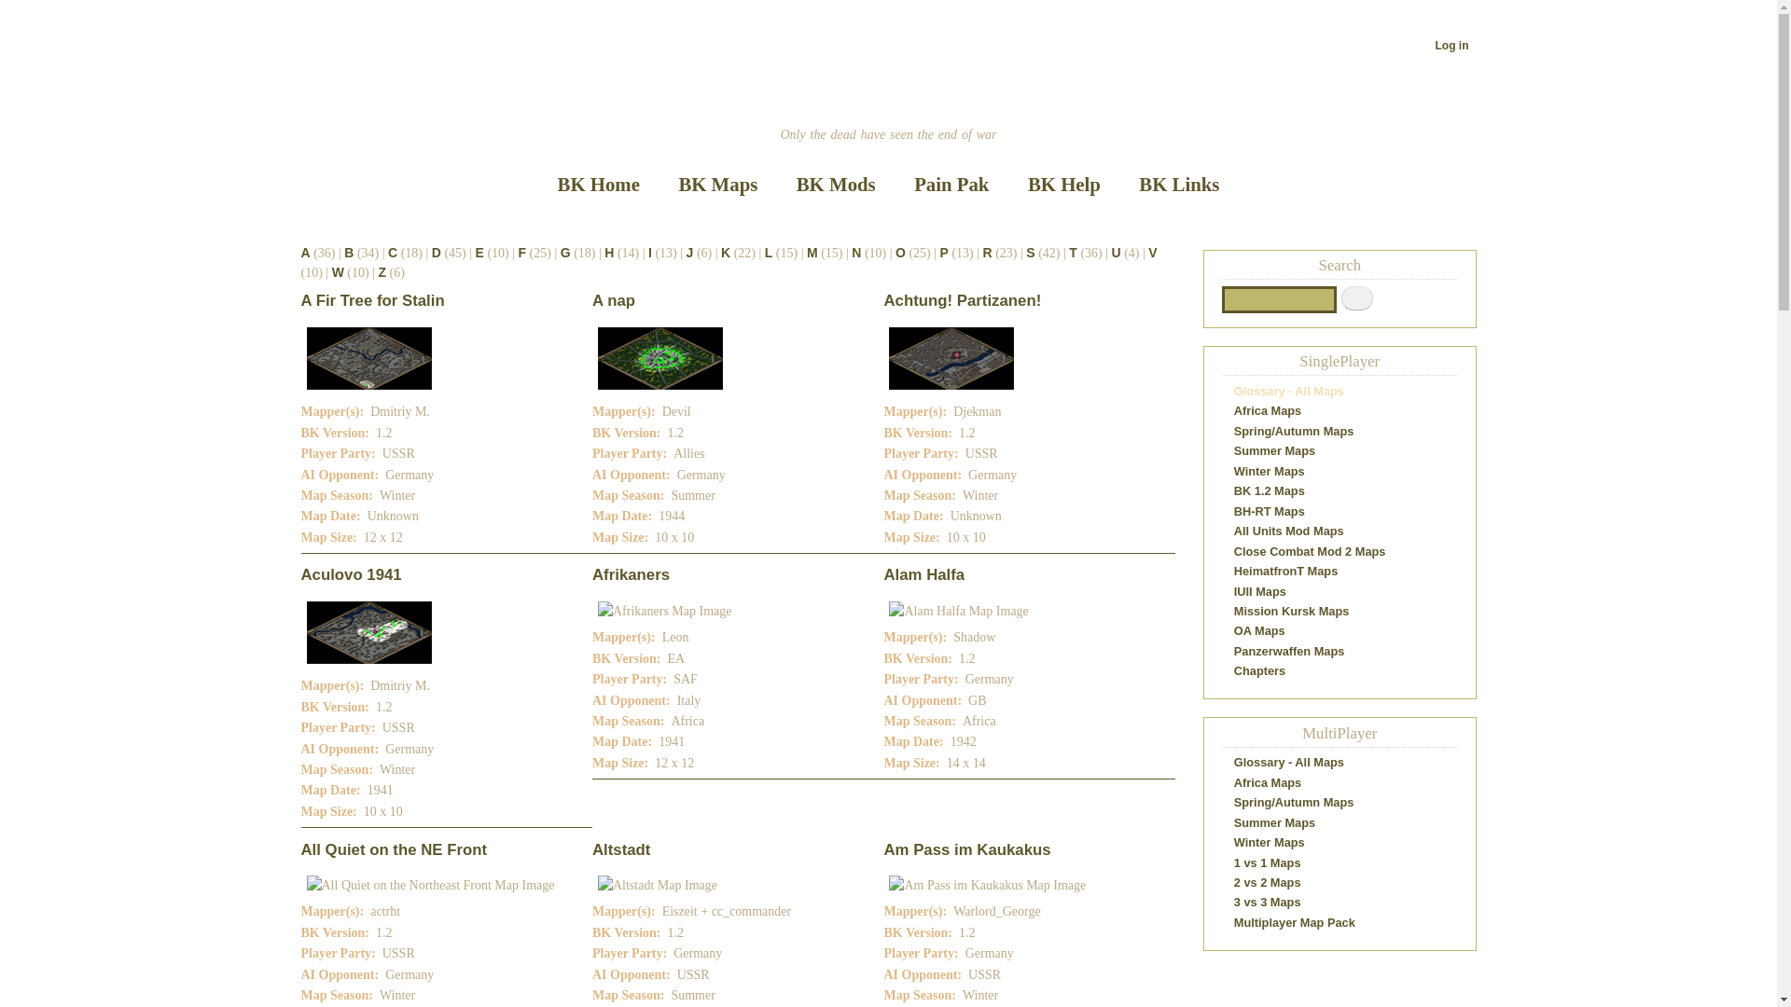 This screenshot has width=1791, height=1007. Describe the element at coordinates (522, 252) in the screenshot. I see `'F'` at that location.